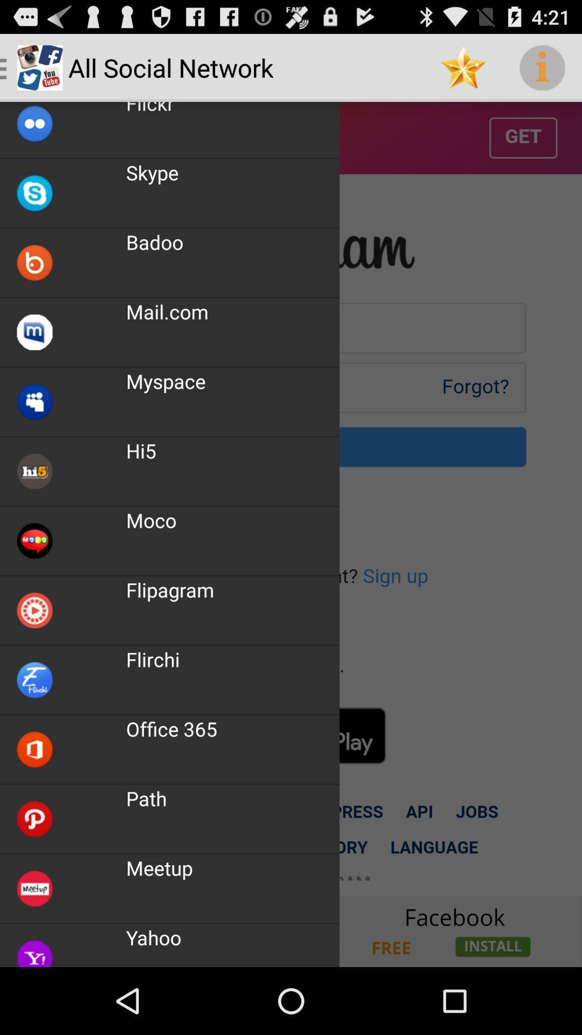 The width and height of the screenshot is (582, 1035). I want to click on the mail.com app, so click(167, 311).